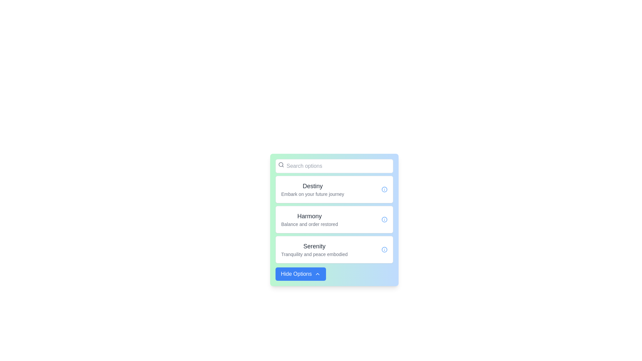 The height and width of the screenshot is (361, 642). I want to click on the informational icon represented by a circular part located to the right of the 'Harmony' option in the list of items, so click(385, 219).